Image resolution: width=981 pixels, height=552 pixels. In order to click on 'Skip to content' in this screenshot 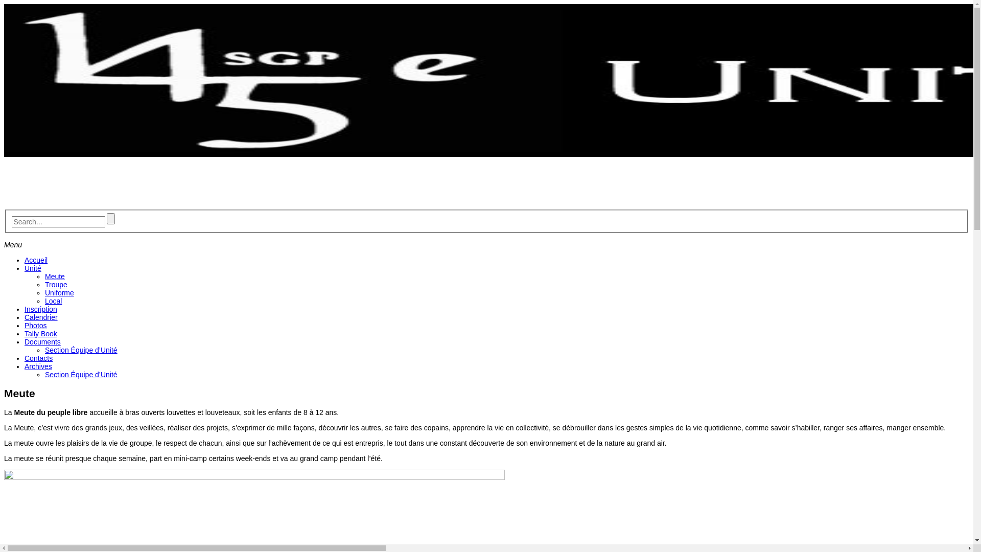, I will do `click(4, 4)`.